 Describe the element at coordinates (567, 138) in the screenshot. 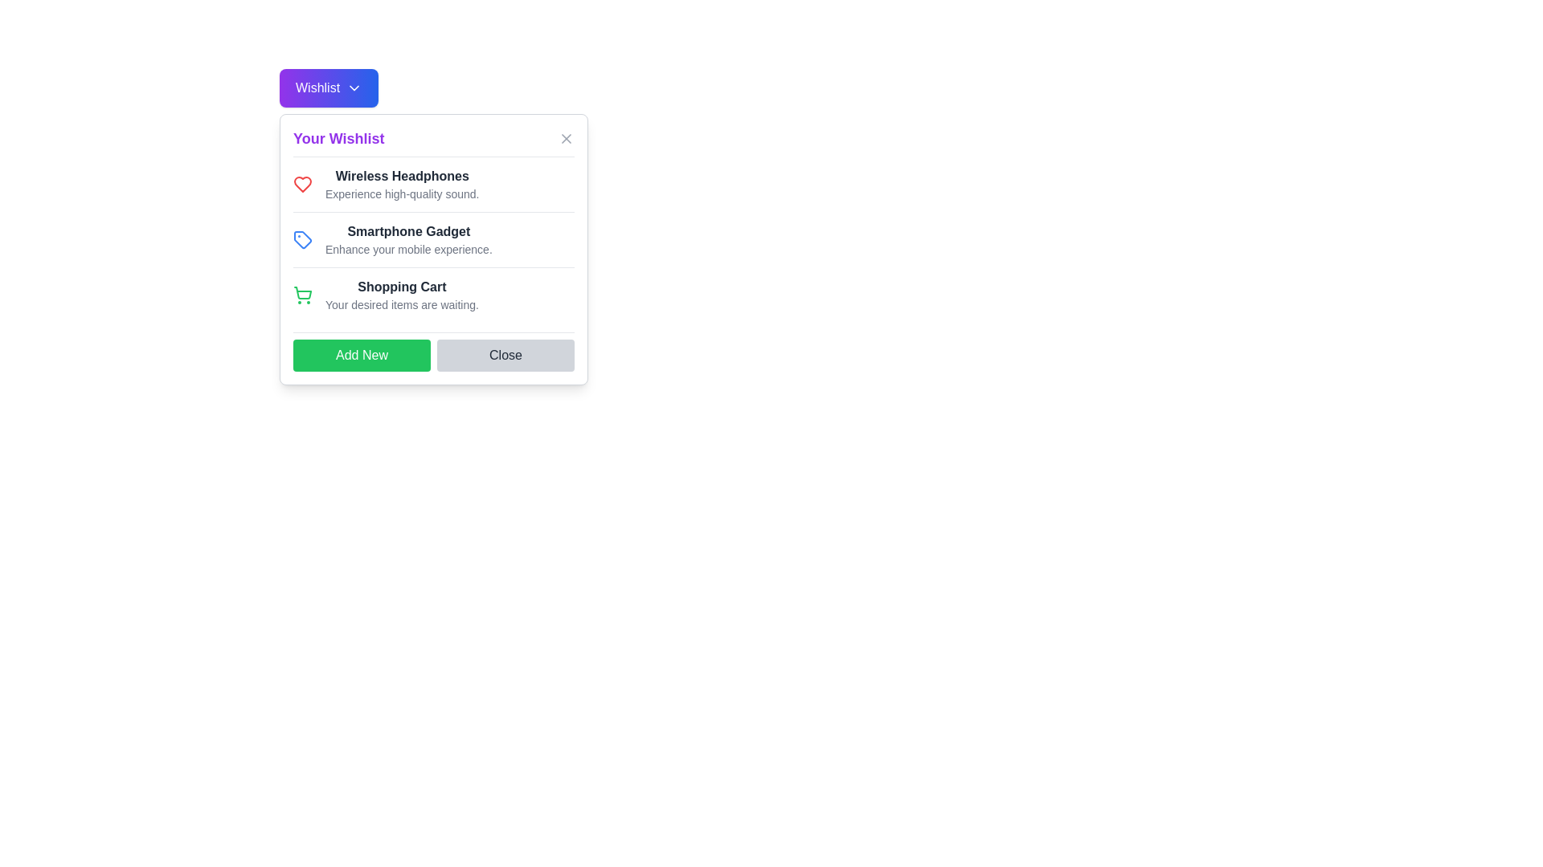

I see `the close button icon located at the top-right corner of the popup window, aligned with the title 'Your Wishlist'` at that location.